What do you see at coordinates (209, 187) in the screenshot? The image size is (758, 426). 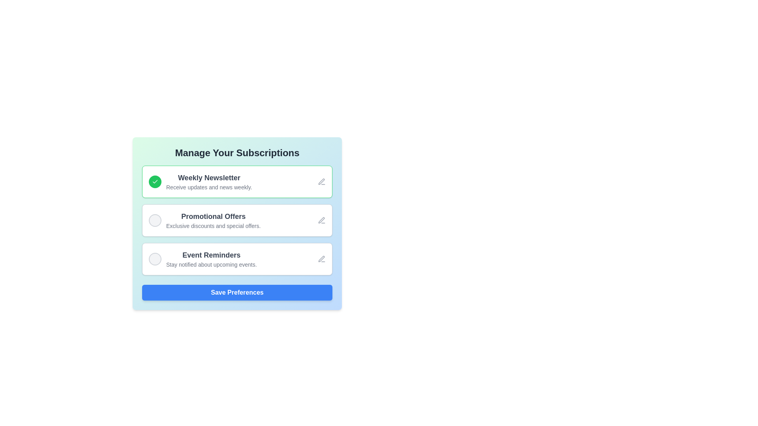 I see `the text element that says 'Receive updates and news weekly.' located underneath the title 'Weekly Newsletter' in the outlined box for subscription options` at bounding box center [209, 187].